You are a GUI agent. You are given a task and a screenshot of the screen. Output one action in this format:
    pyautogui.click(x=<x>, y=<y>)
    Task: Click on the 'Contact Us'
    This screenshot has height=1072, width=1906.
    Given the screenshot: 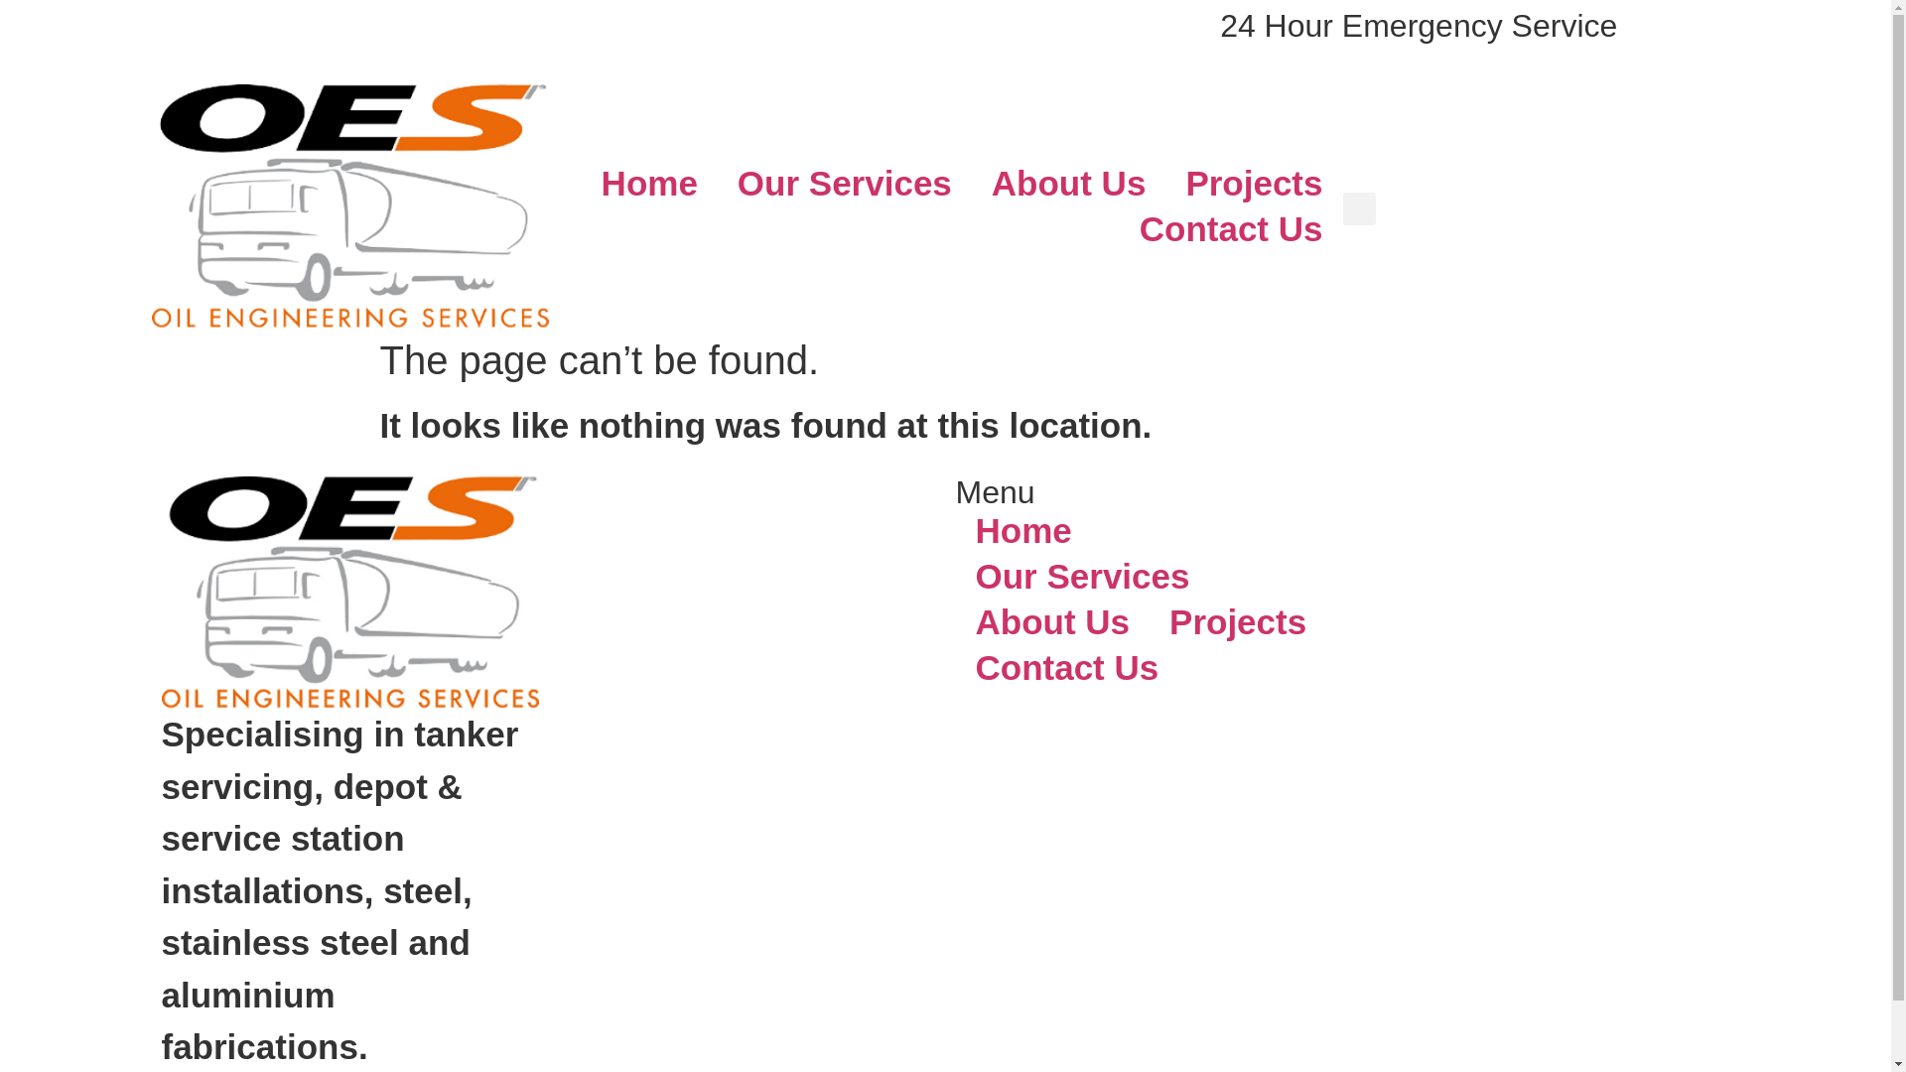 What is the action you would take?
    pyautogui.click(x=1065, y=667)
    